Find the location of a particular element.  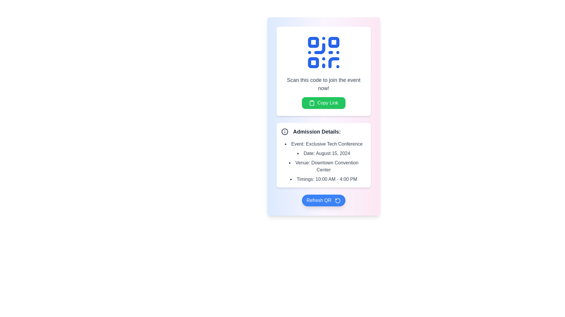

the circular SVG icon representing a counterclockwise rotation, which is located at the far-right side of the 'Refresh QR' button is located at coordinates (338, 200).